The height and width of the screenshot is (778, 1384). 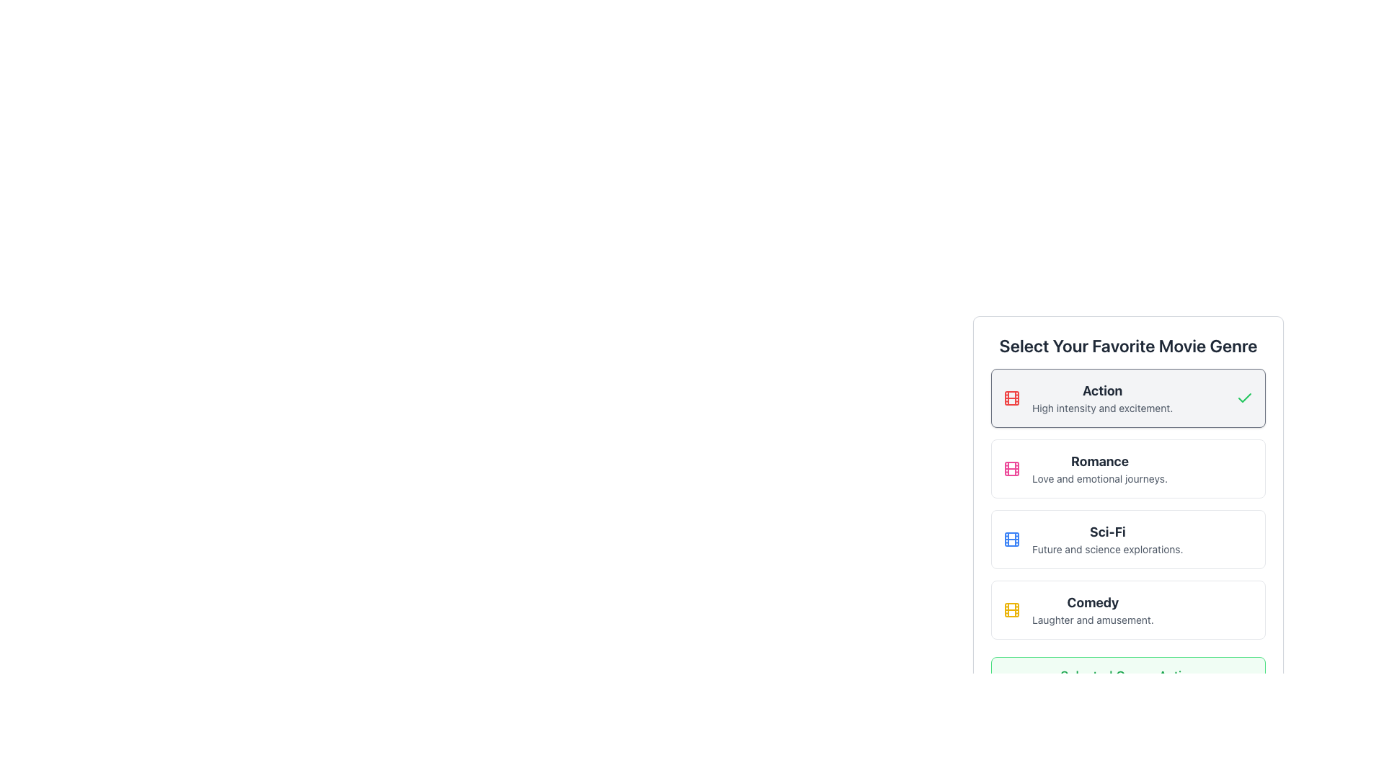 What do you see at coordinates (1011, 398) in the screenshot?
I see `the 'Action' genre icon located to the left of the word 'Action' in the movie genres list` at bounding box center [1011, 398].